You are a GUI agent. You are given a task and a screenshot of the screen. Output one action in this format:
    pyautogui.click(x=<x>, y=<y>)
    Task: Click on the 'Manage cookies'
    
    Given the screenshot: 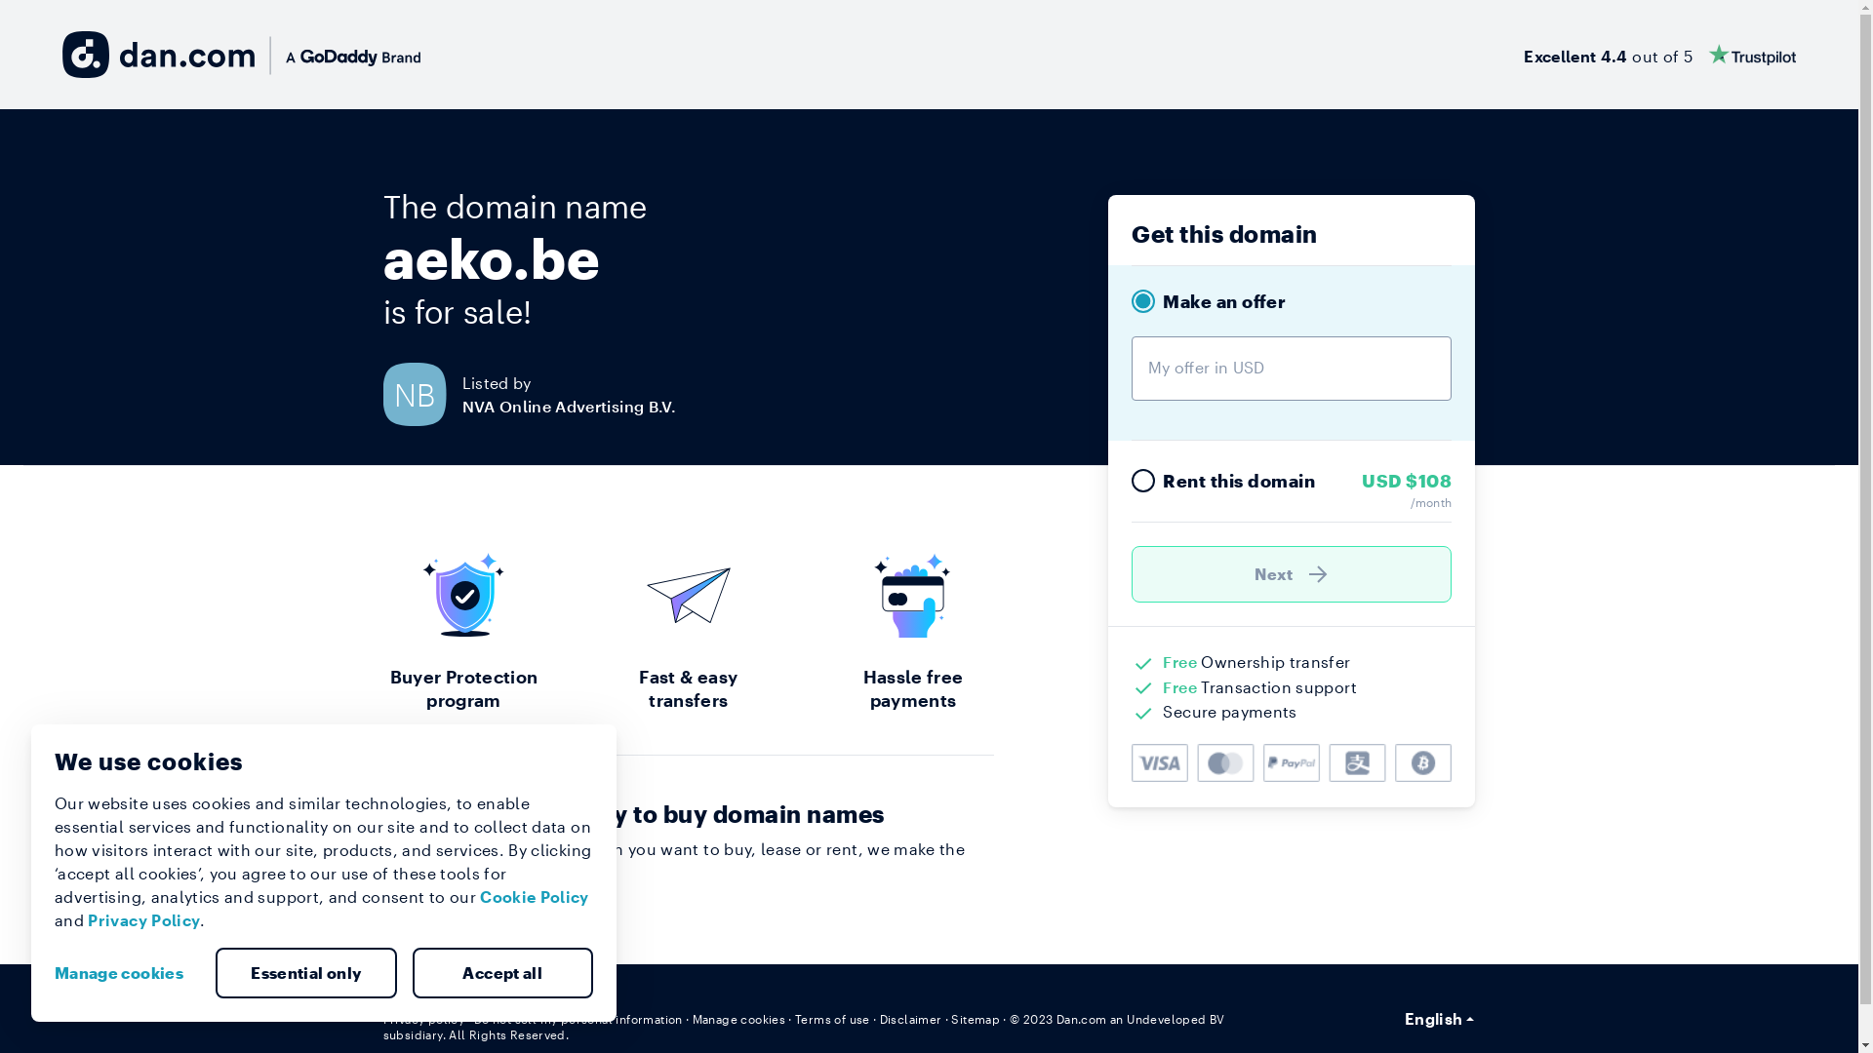 What is the action you would take?
    pyautogui.click(x=55, y=973)
    